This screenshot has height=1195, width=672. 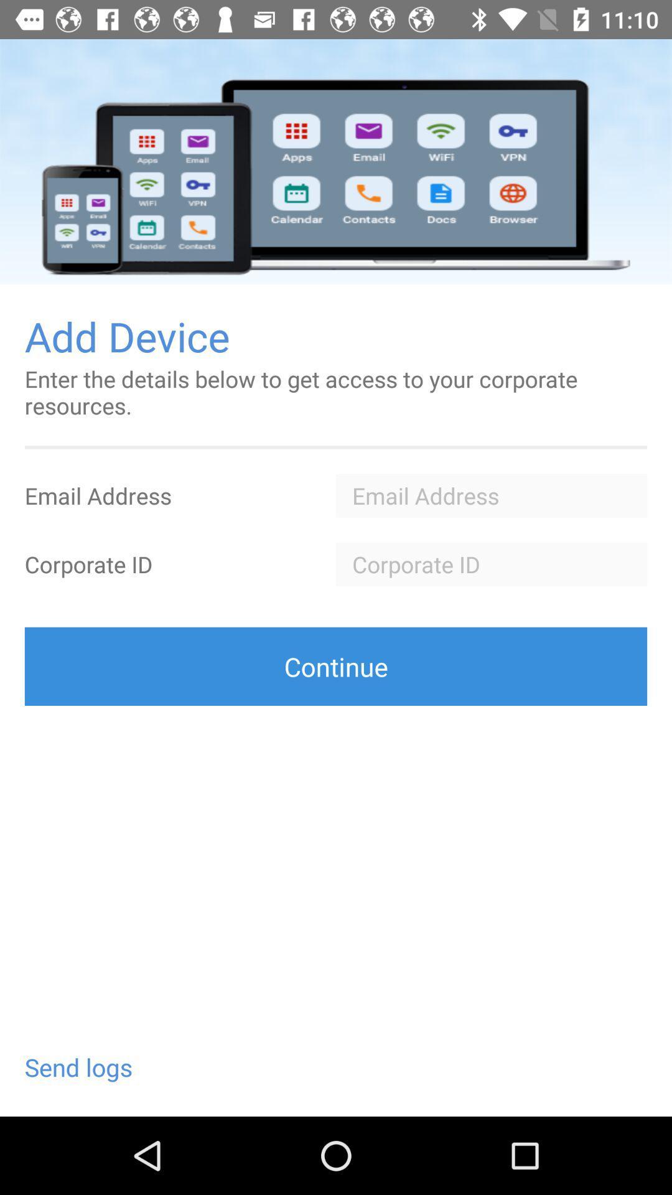 I want to click on the enter the details, so click(x=336, y=391).